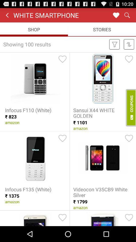  What do you see at coordinates (62, 59) in the screenshot?
I see `product as favorite` at bounding box center [62, 59].